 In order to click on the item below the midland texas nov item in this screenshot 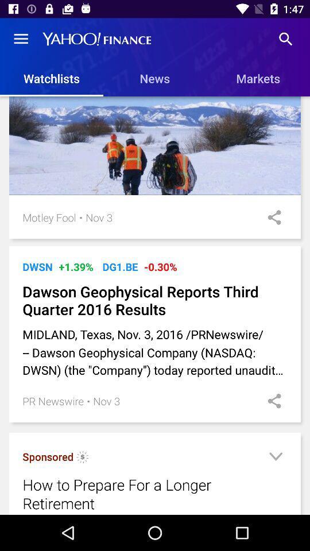, I will do `click(88, 401)`.